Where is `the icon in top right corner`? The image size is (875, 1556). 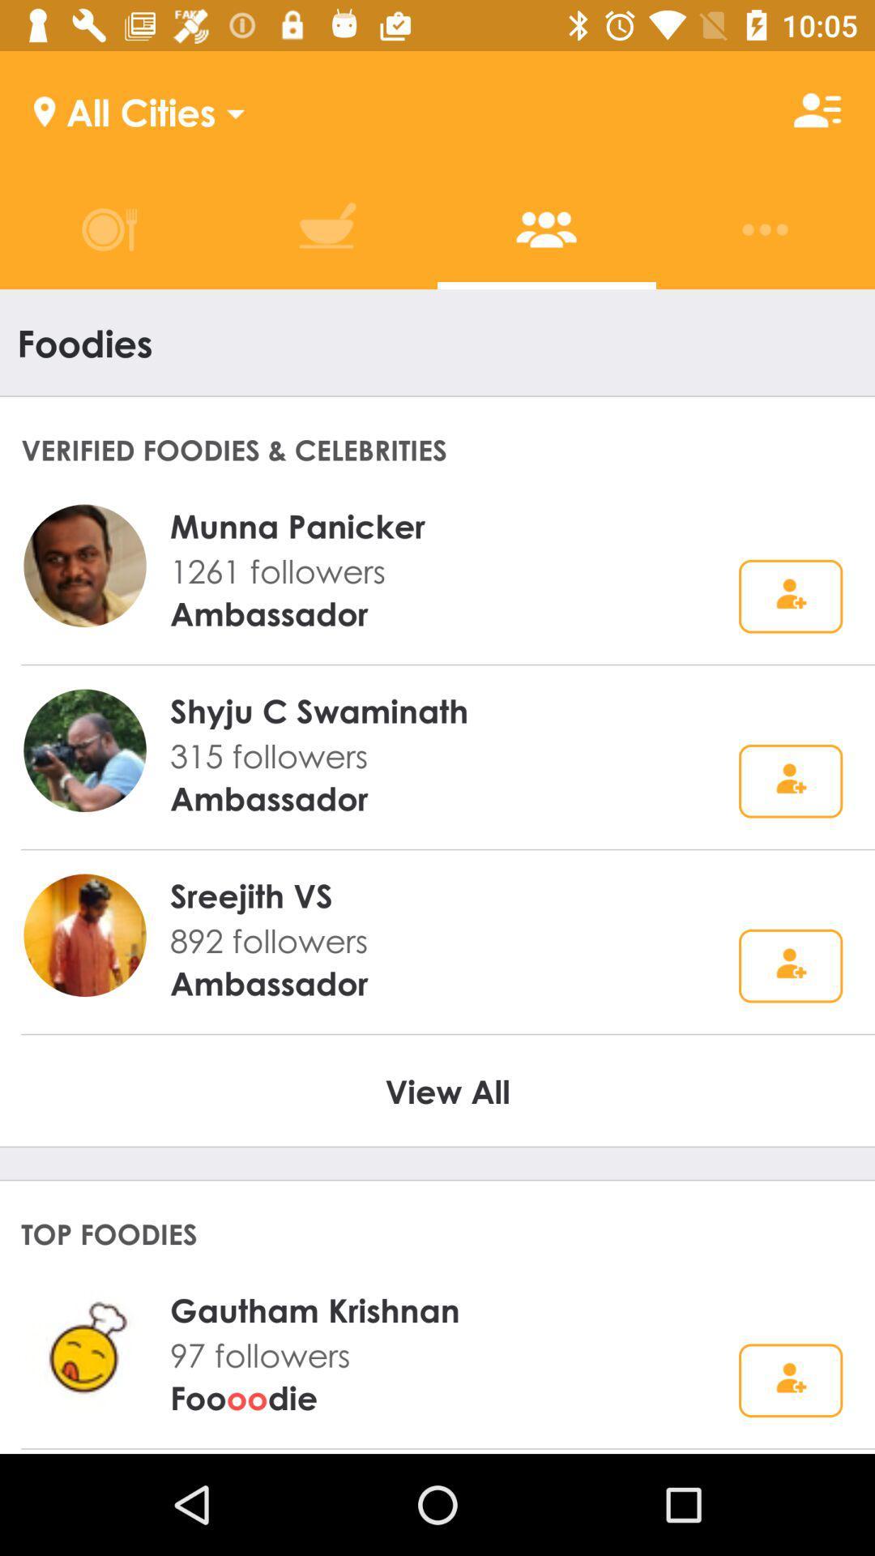
the icon in top right corner is located at coordinates (817, 110).